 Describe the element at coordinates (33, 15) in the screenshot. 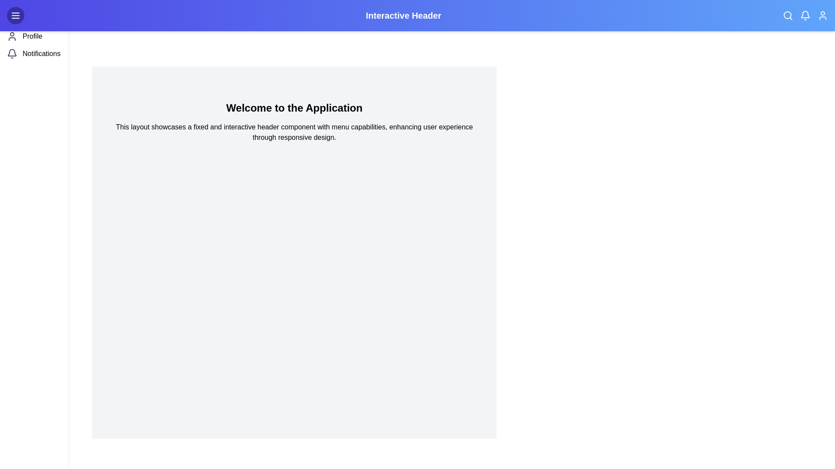

I see `the 'Close' button, which is a rectangular button with a red background and white text located at the top-left corner of the sidebar` at that location.